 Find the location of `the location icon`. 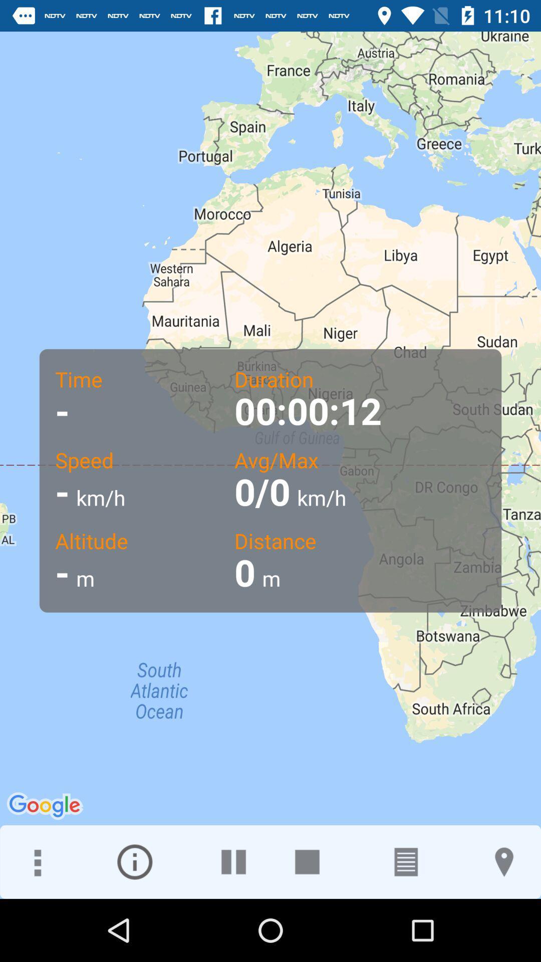

the location icon is located at coordinates (504, 861).